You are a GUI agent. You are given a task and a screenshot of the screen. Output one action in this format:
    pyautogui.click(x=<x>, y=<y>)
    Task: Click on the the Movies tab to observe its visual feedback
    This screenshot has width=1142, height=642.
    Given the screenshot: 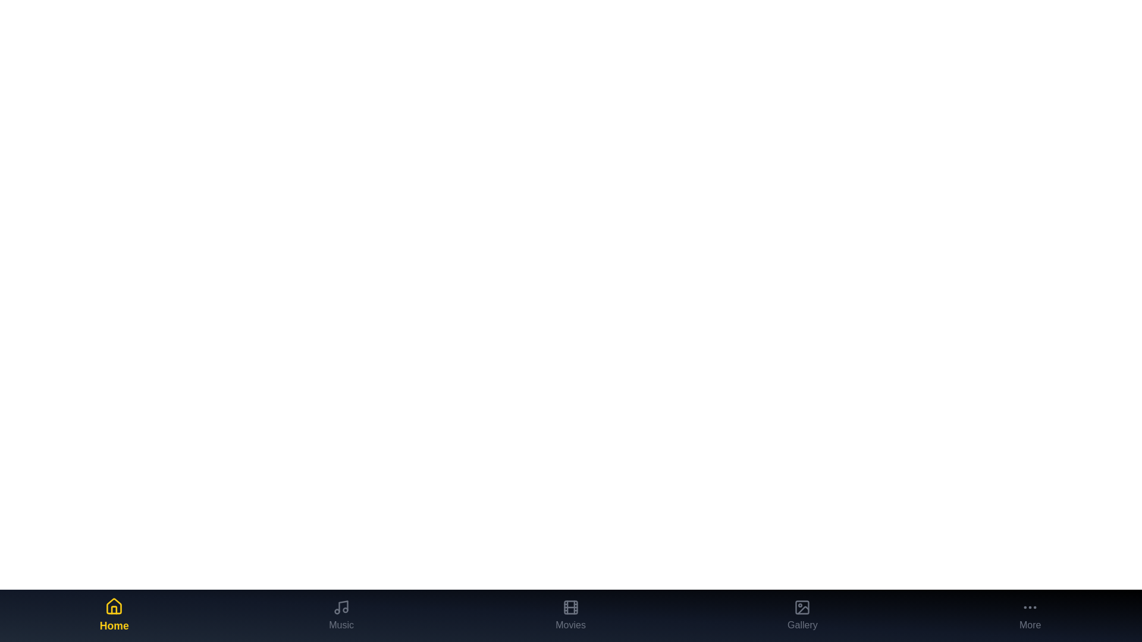 What is the action you would take?
    pyautogui.click(x=570, y=615)
    